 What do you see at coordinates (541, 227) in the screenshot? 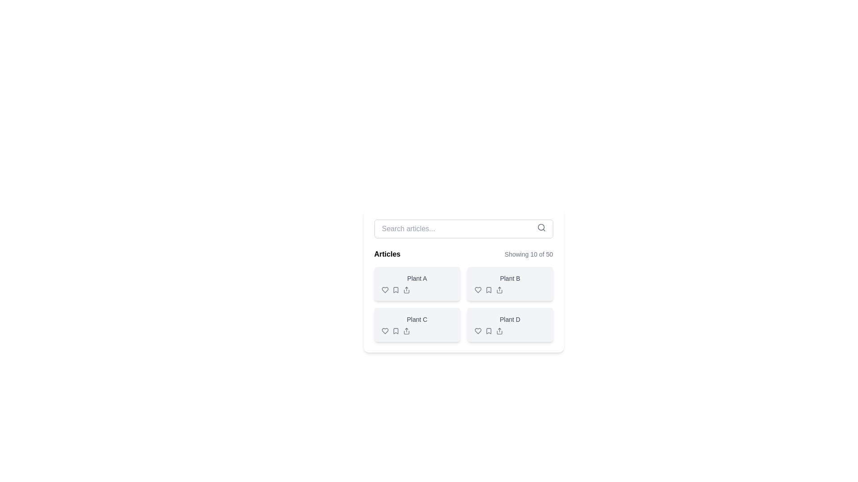
I see `the search icon located at the top-right corner of the search bar to potentially see additional information` at bounding box center [541, 227].